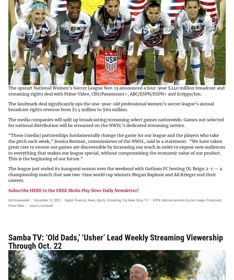 The width and height of the screenshot is (234, 280). Describe the element at coordinates (47, 200) in the screenshot. I see `'November 13, 2023'` at that location.